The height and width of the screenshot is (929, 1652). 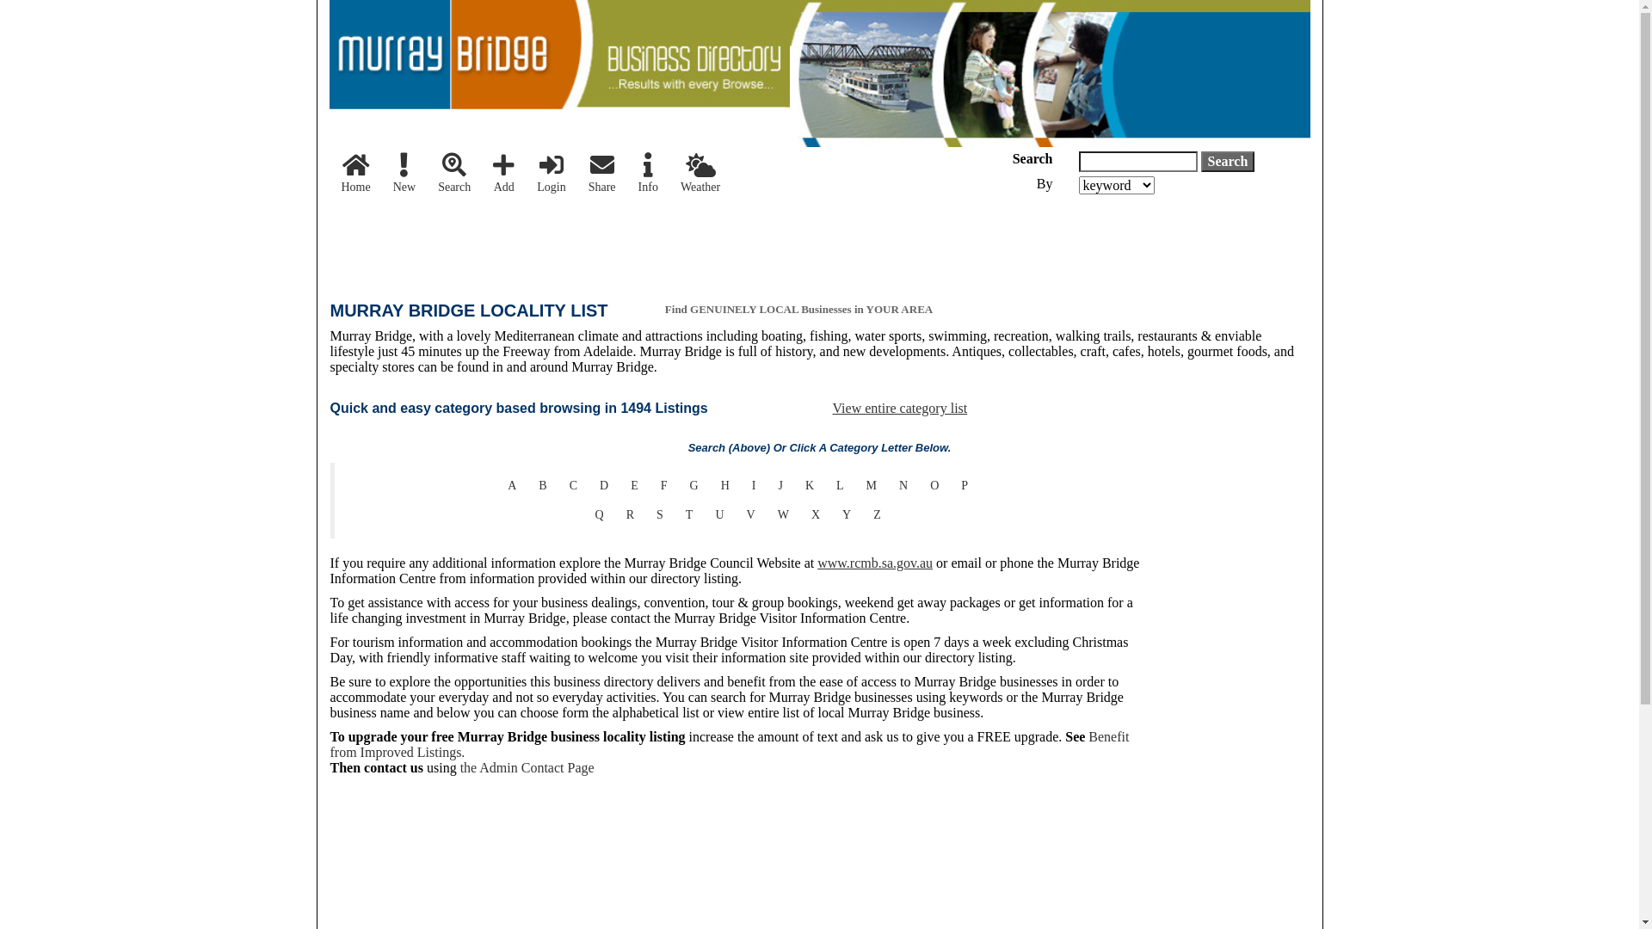 What do you see at coordinates (602, 175) in the screenshot?
I see `'Share'` at bounding box center [602, 175].